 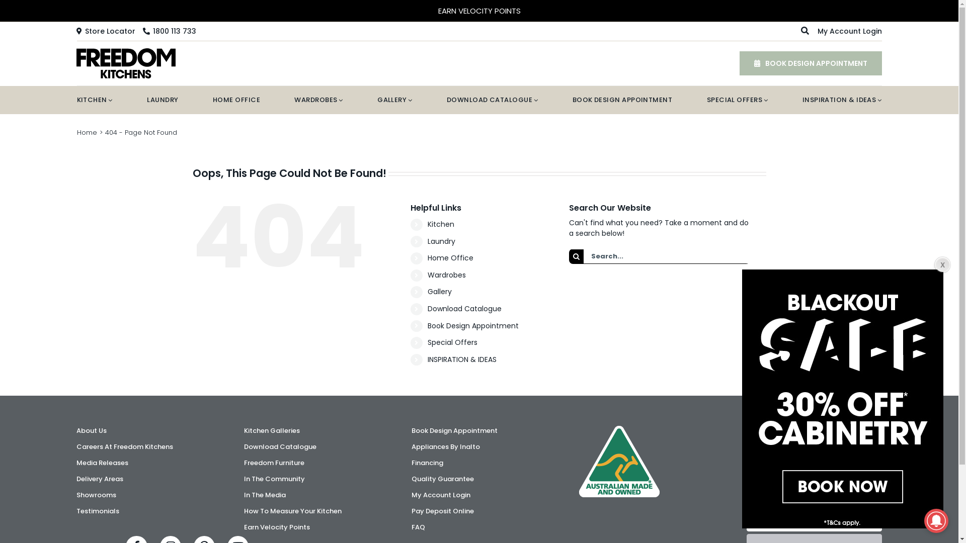 I want to click on 'Wardrobes', so click(x=427, y=275).